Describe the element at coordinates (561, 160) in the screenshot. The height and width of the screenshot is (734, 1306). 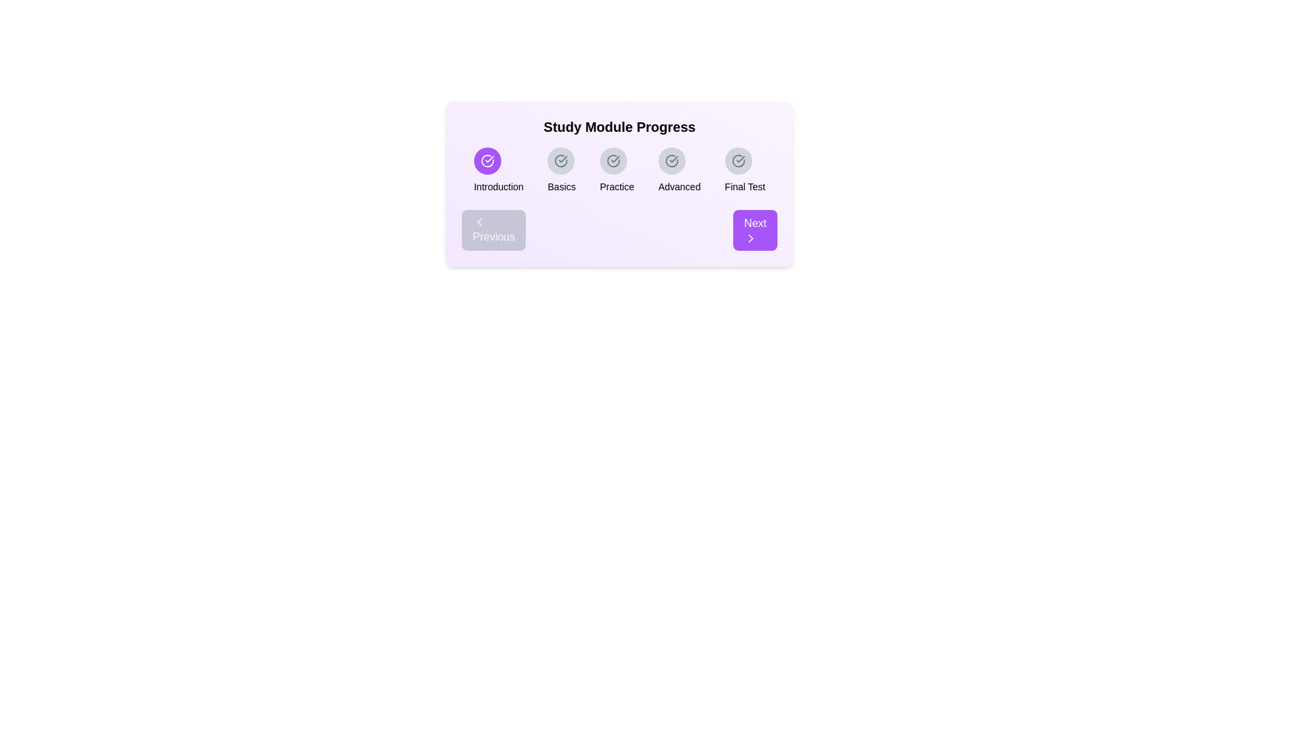
I see `the second icon in the 'Study Module Progress' section` at that location.